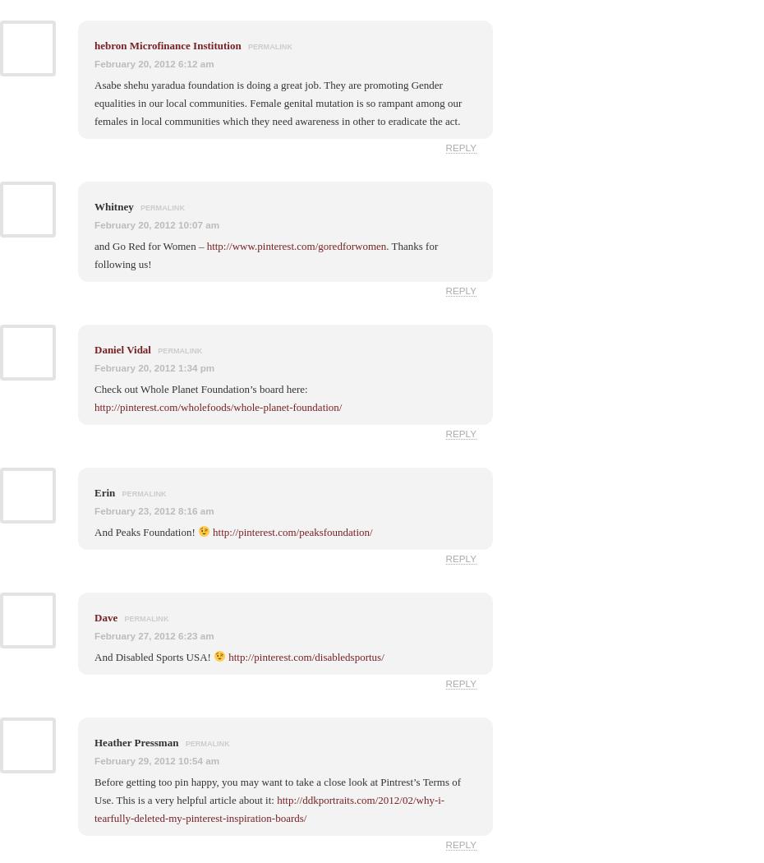 The width and height of the screenshot is (764, 863). What do you see at coordinates (218, 405) in the screenshot?
I see `'http://pinterest.com/wholefoods/whole-planet-foundation/'` at bounding box center [218, 405].